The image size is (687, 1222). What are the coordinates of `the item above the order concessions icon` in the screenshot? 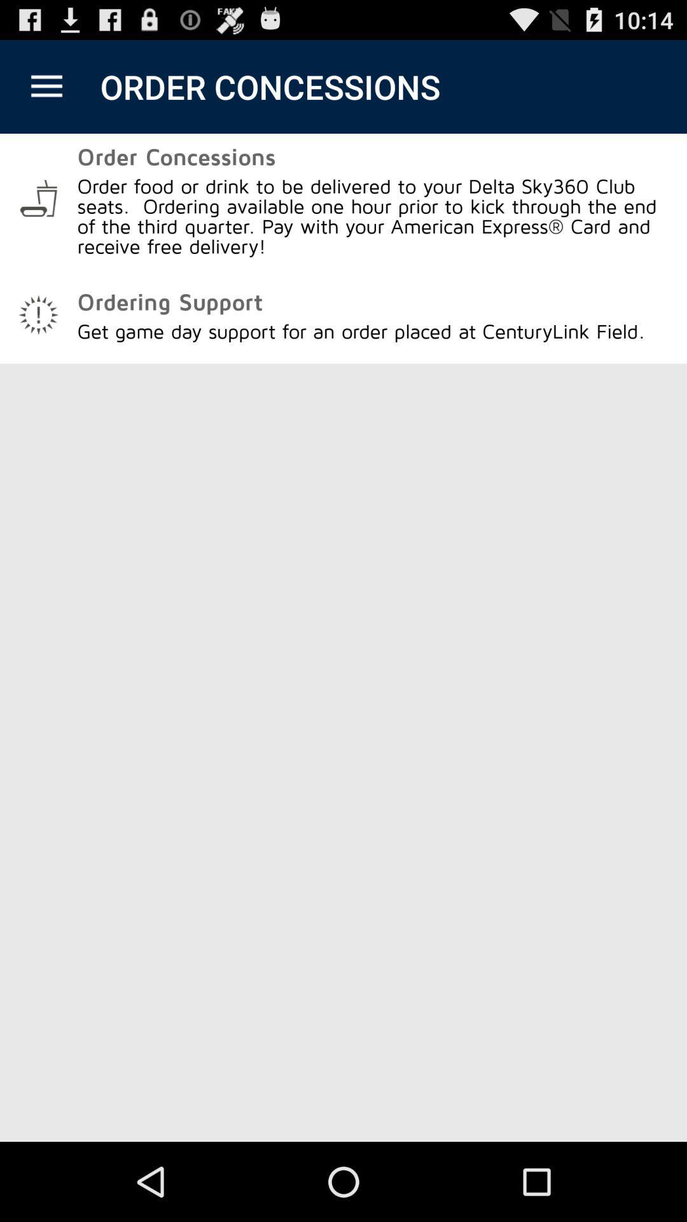 It's located at (46, 86).